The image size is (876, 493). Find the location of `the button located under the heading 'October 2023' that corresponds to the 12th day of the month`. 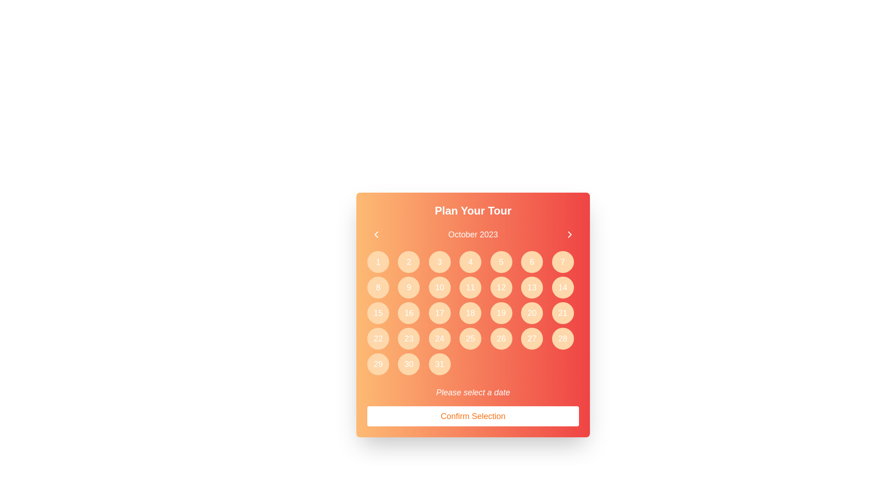

the button located under the heading 'October 2023' that corresponds to the 12th day of the month is located at coordinates (501, 287).